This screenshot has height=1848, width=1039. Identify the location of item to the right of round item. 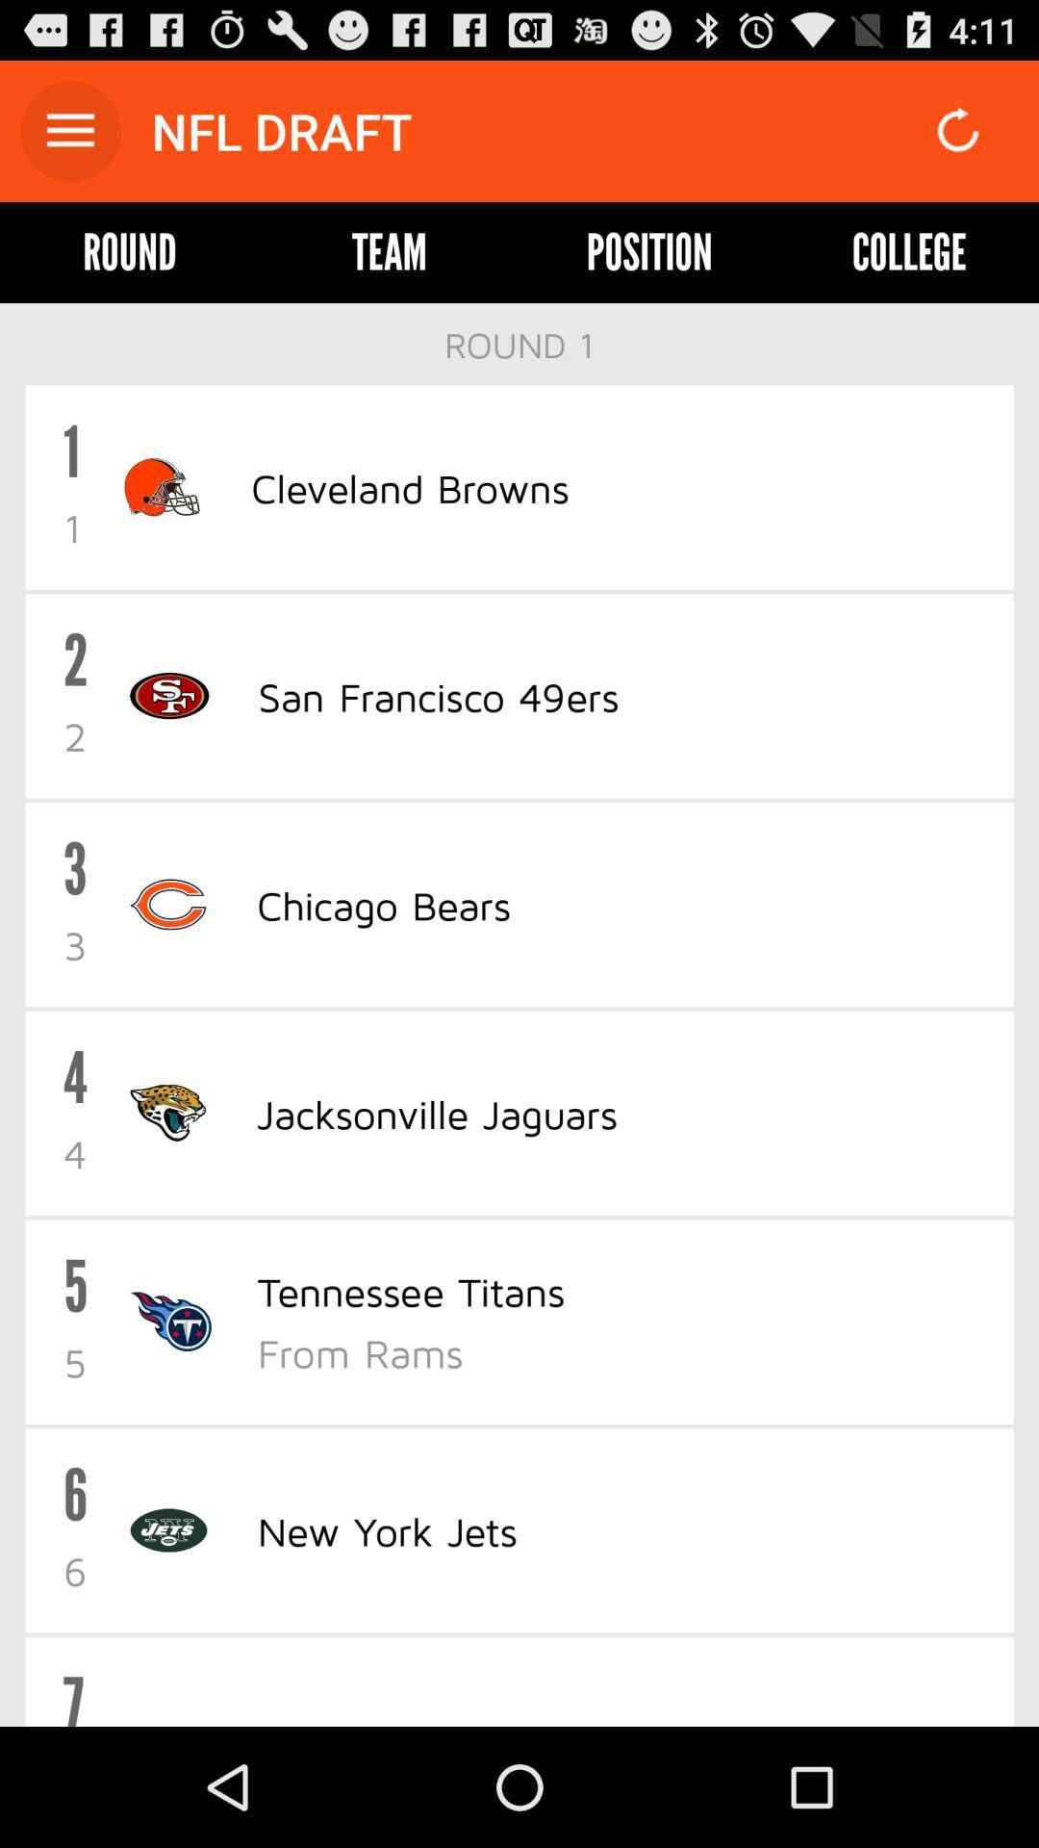
(390, 251).